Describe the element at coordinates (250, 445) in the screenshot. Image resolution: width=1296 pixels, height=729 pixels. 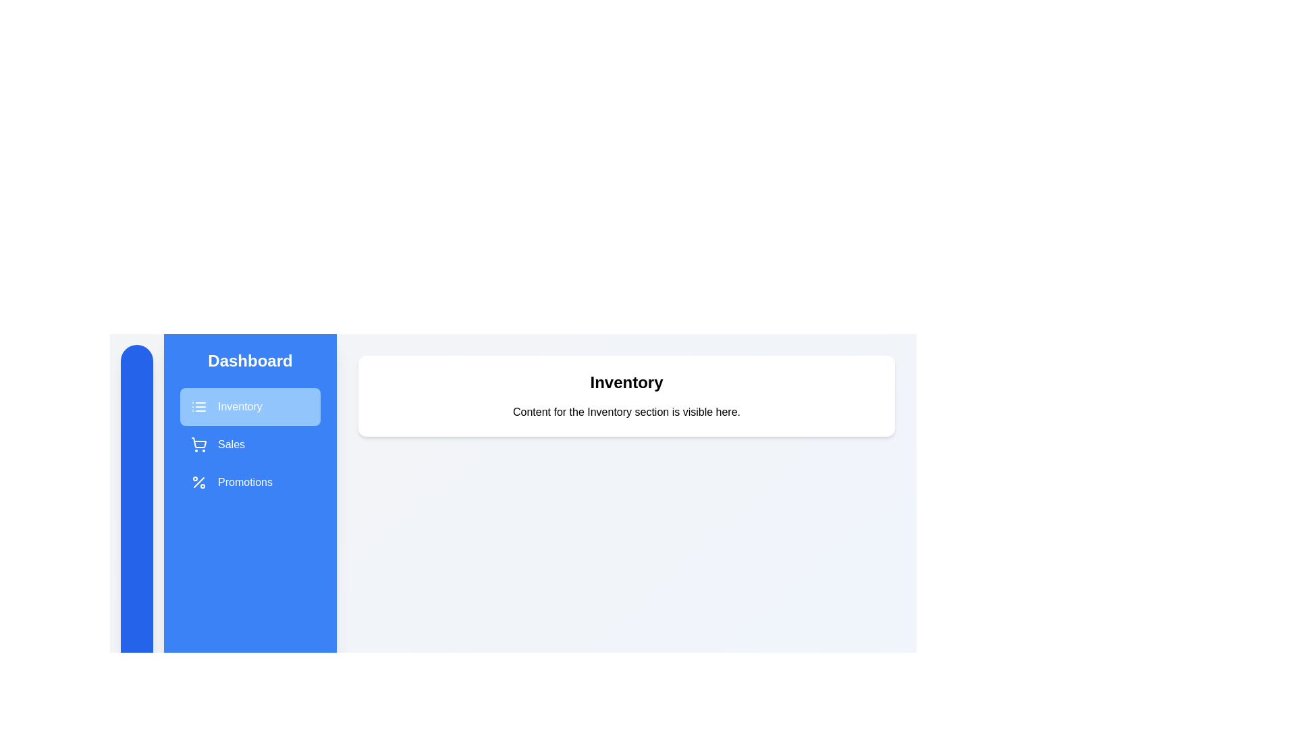
I see `the Sales section in the sidebar menu` at that location.